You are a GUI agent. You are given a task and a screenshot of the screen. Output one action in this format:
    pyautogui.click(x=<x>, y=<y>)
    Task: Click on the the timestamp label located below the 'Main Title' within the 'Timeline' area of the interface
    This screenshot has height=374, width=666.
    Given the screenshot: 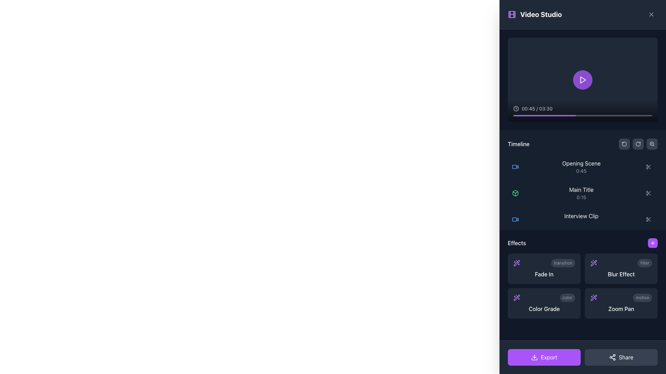 What is the action you would take?
    pyautogui.click(x=581, y=197)
    